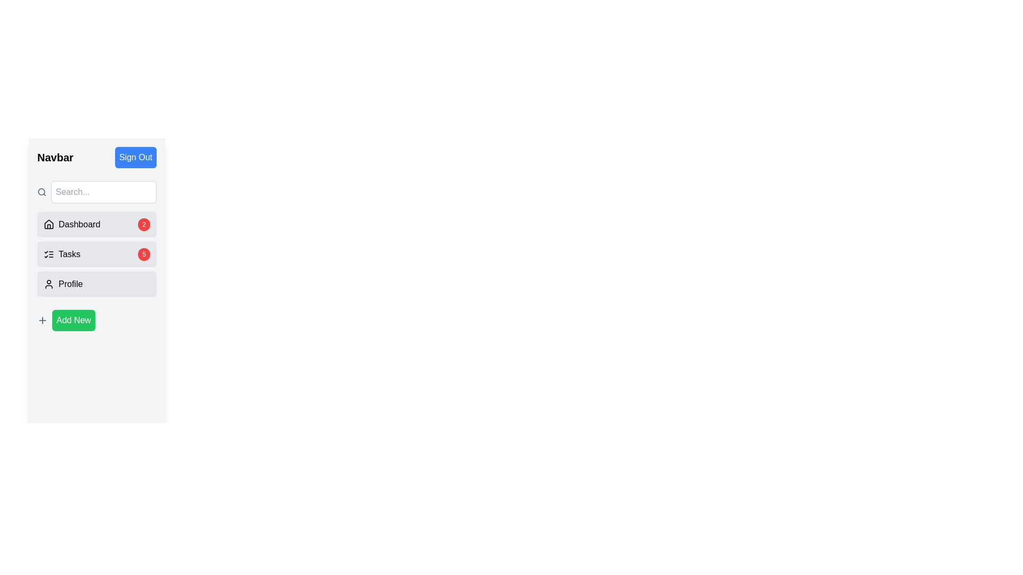 The image size is (1023, 575). What do you see at coordinates (69, 254) in the screenshot?
I see `the 'Tasks' text label located in the navigation menu, which is the second item after 'Dashboard' and positioned between a list icon and a numeric badge displaying '5'` at bounding box center [69, 254].